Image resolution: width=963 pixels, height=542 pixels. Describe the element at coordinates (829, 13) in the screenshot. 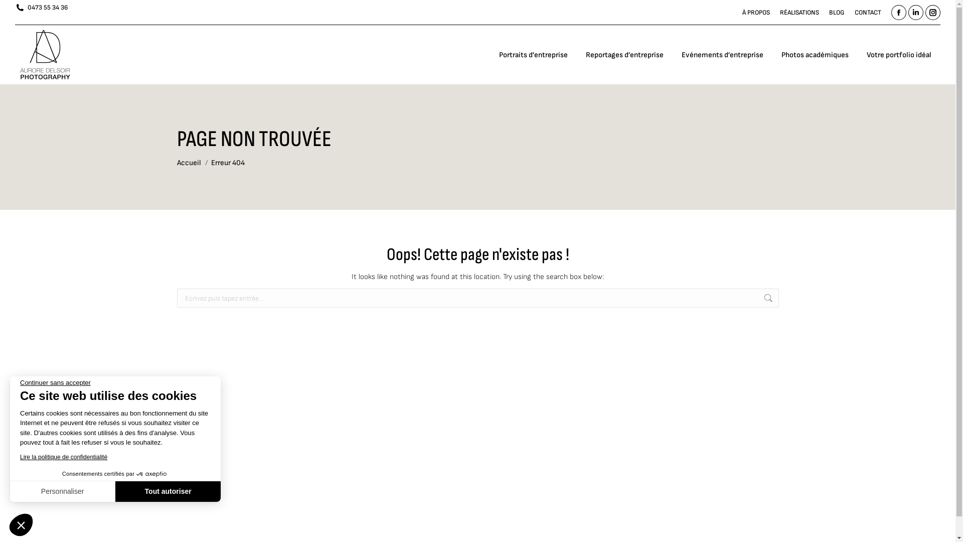

I see `'BLOG'` at that location.